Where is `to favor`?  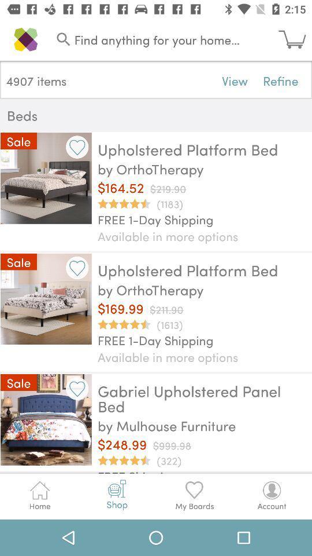 to favor is located at coordinates (77, 268).